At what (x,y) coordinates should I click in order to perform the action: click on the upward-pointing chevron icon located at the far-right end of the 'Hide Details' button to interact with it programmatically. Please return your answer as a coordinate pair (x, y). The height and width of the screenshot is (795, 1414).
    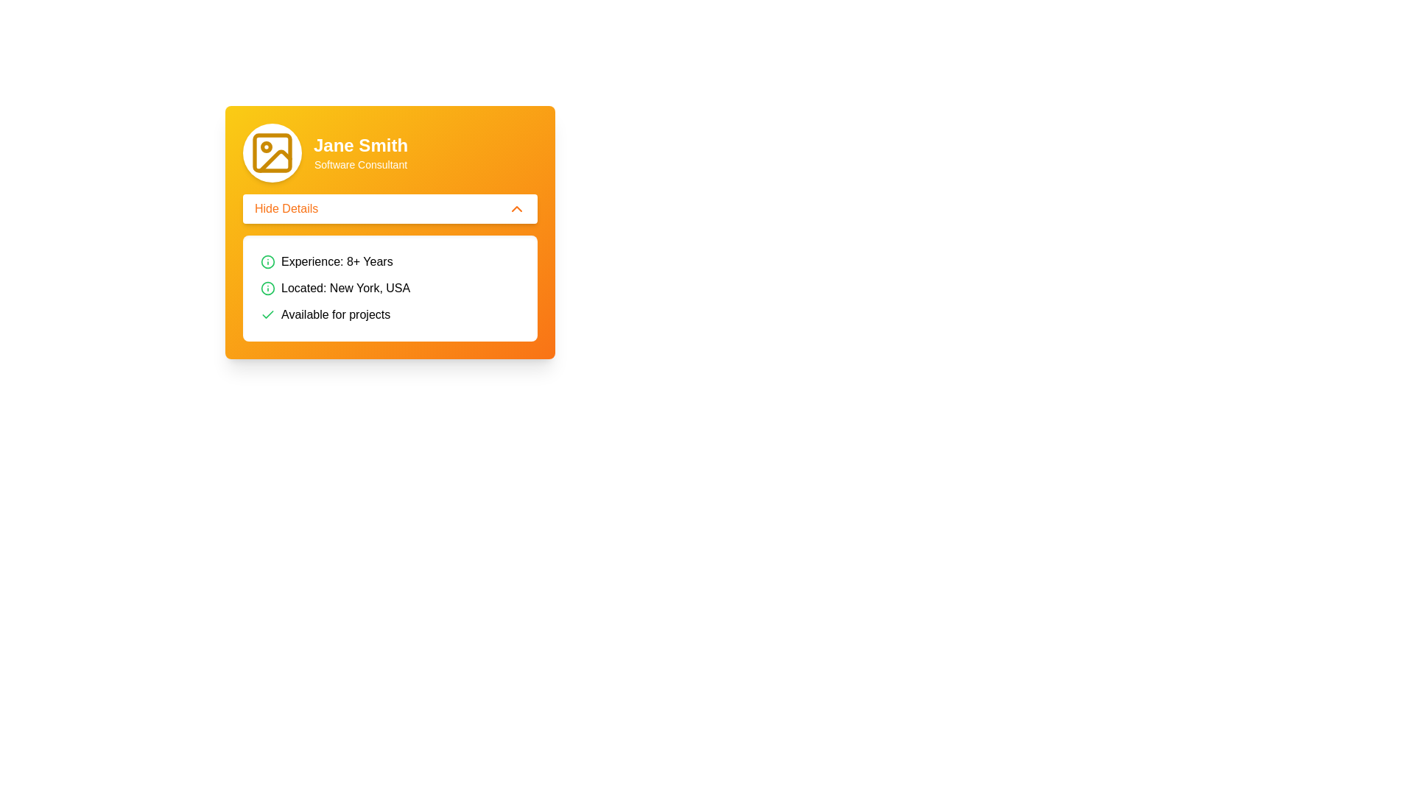
    Looking at the image, I should click on (516, 209).